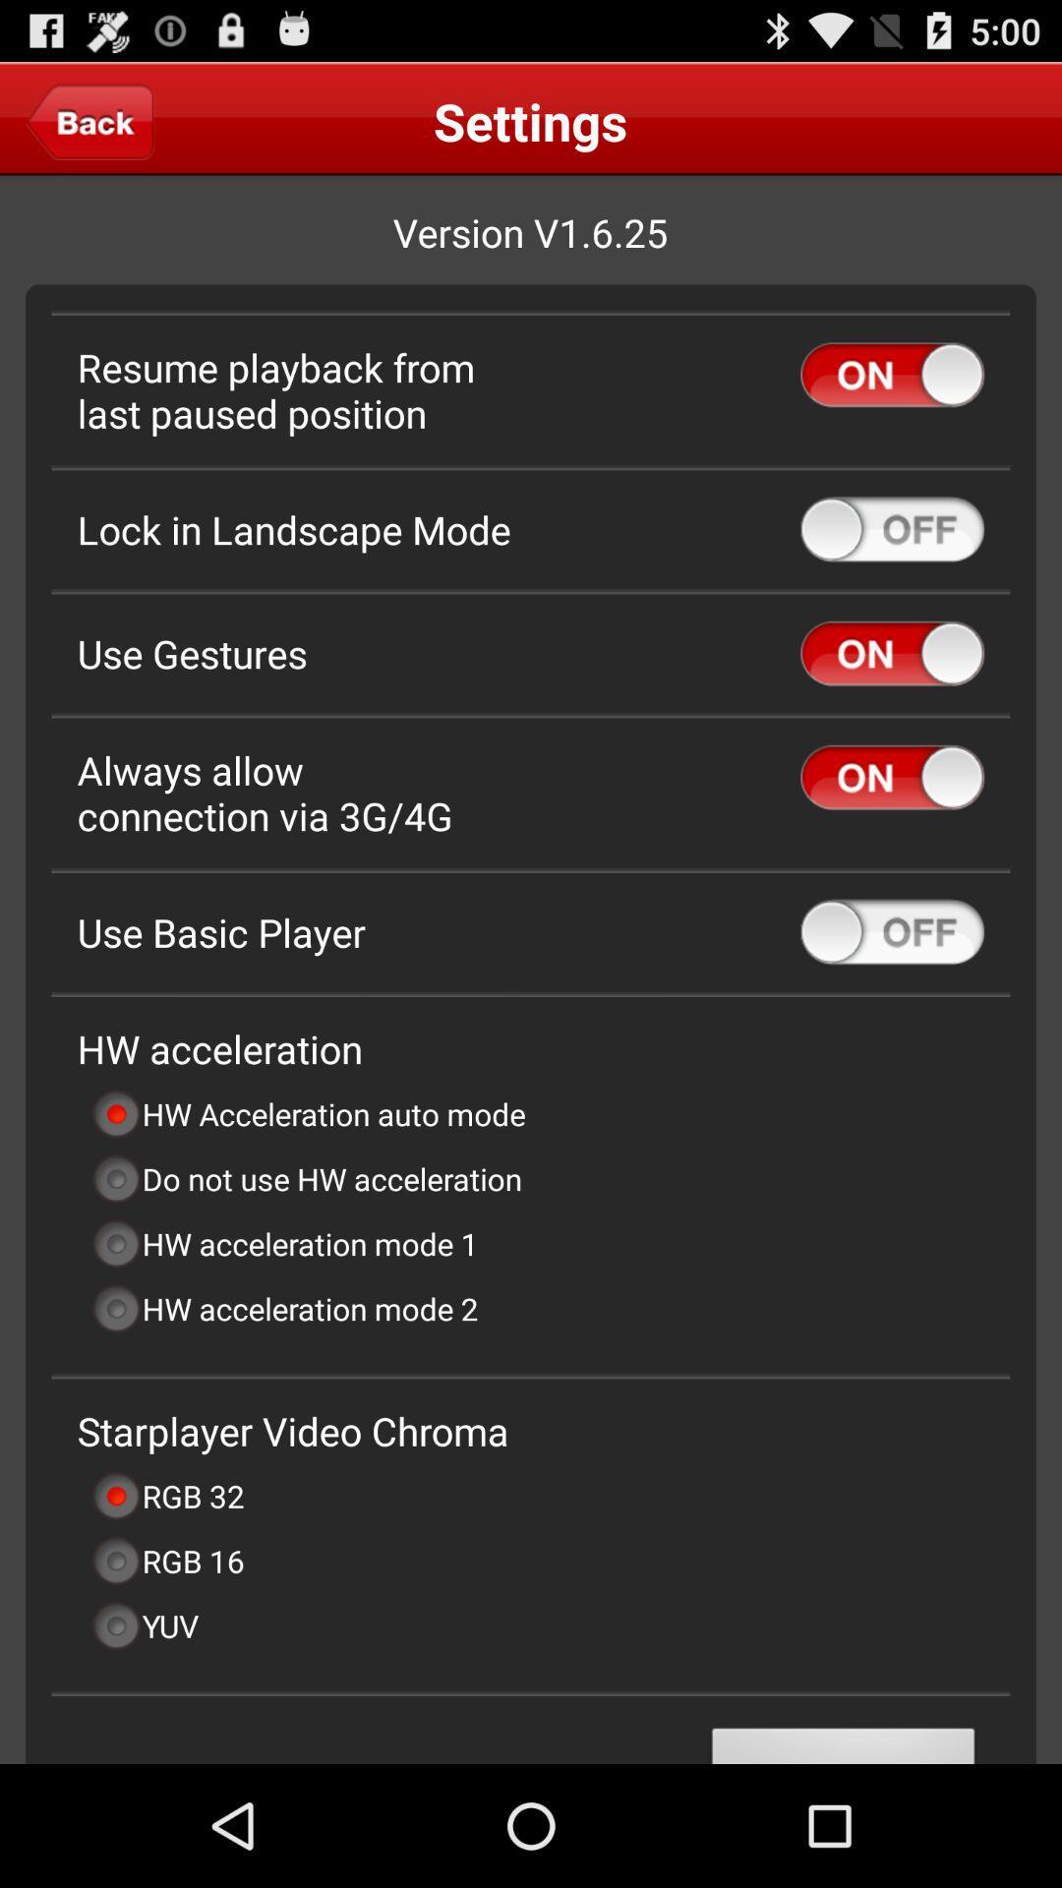 The image size is (1062, 1888). What do you see at coordinates (892, 653) in the screenshot?
I see `turn on and turn off button` at bounding box center [892, 653].